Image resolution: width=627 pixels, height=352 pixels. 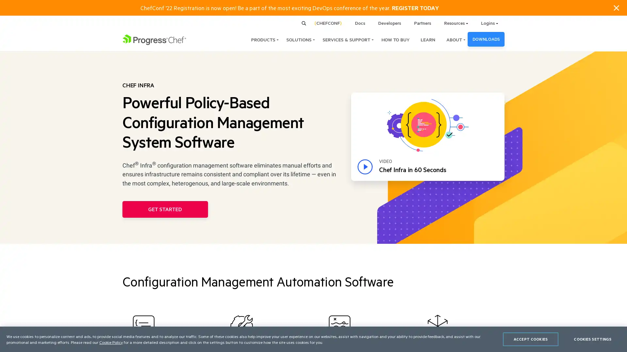 I want to click on SERVICES & SUPPORT, so click(x=332, y=40).